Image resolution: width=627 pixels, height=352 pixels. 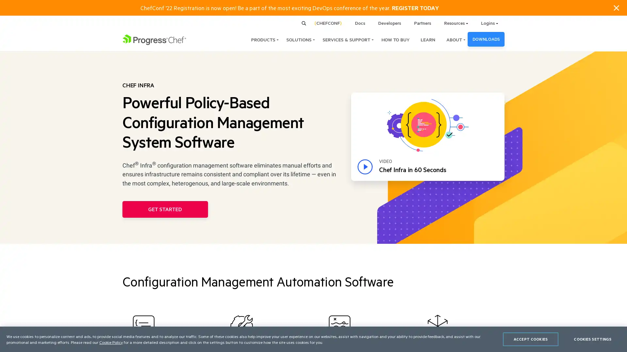 I want to click on SERVICES & SUPPORT, so click(x=332, y=40).